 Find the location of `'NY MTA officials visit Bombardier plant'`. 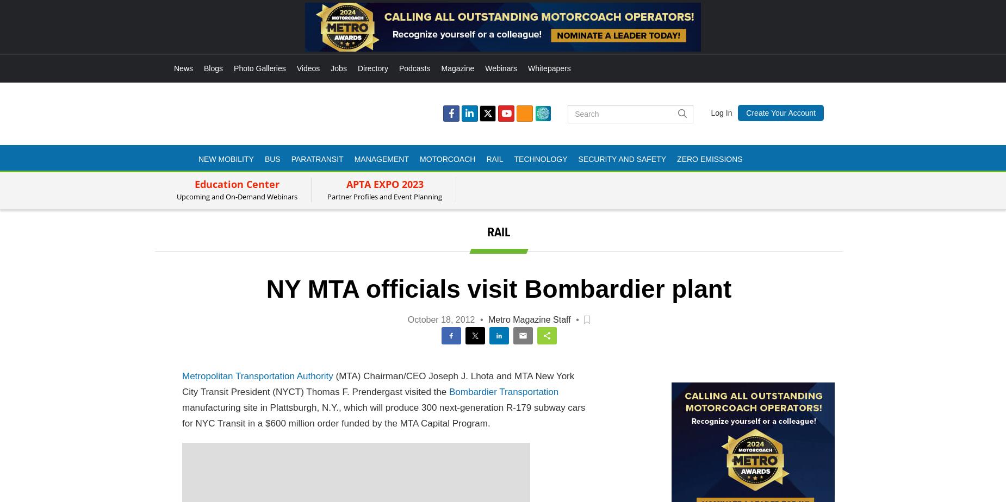

'NY MTA officials visit Bombardier plant' is located at coordinates (499, 289).